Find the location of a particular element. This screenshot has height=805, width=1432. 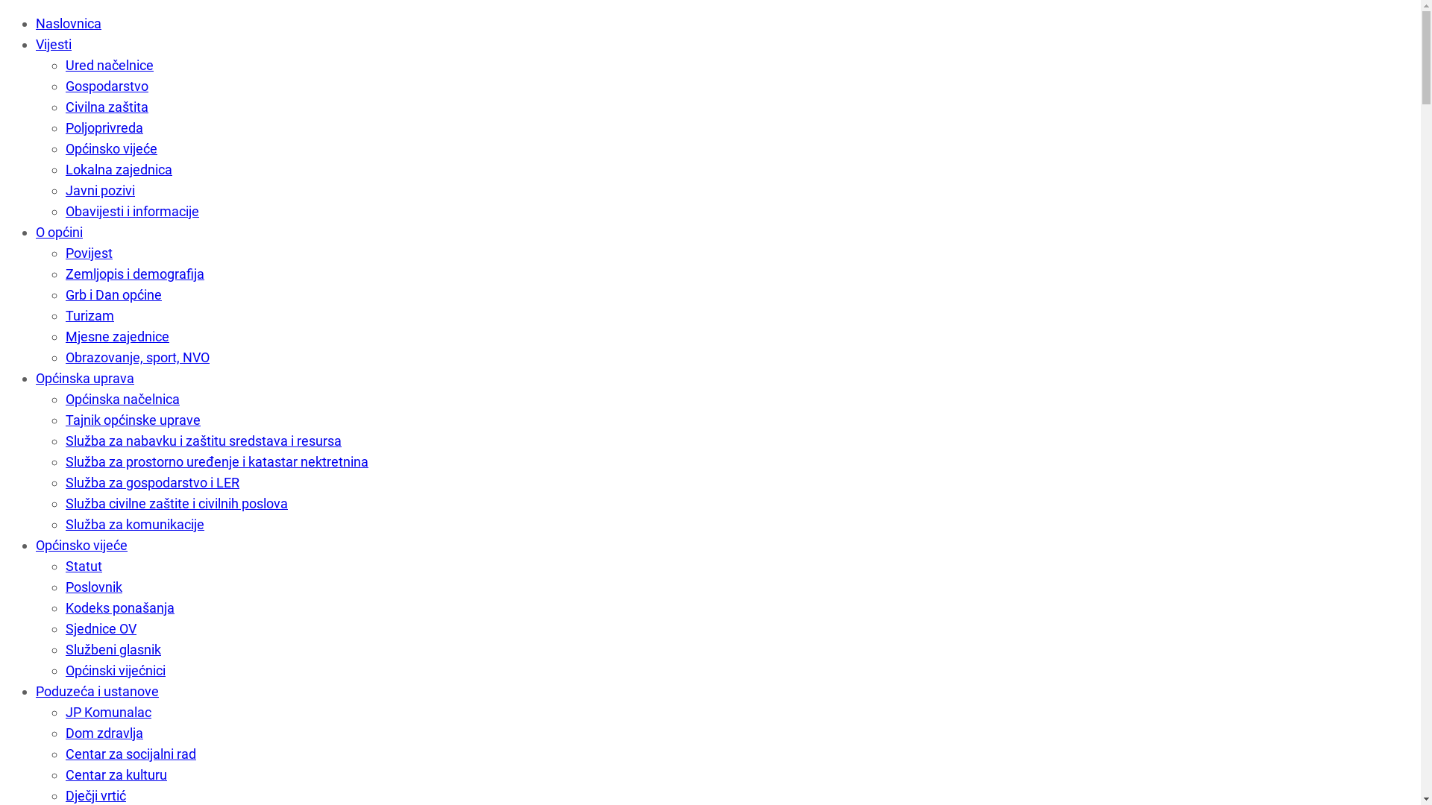

'Povijest' is located at coordinates (88, 252).